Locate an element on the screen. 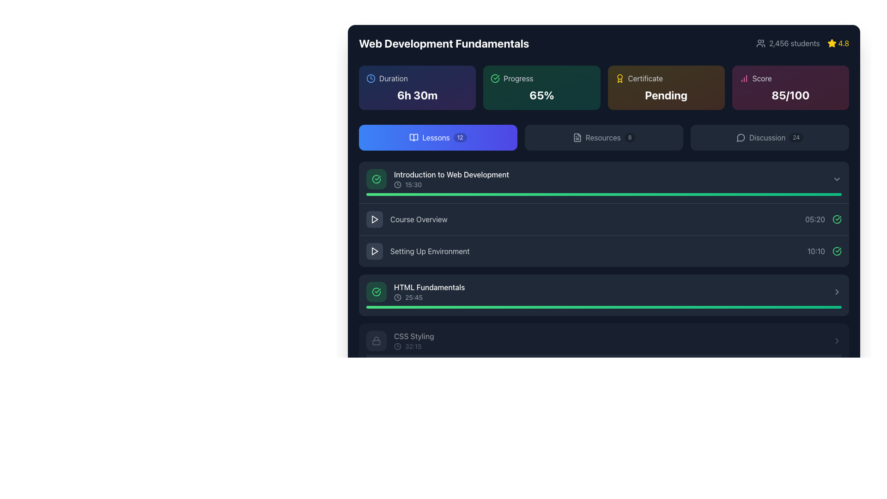 The height and width of the screenshot is (499, 887). the time icon located at the start of the 'CSS Styling' lesson row is located at coordinates (397, 346).